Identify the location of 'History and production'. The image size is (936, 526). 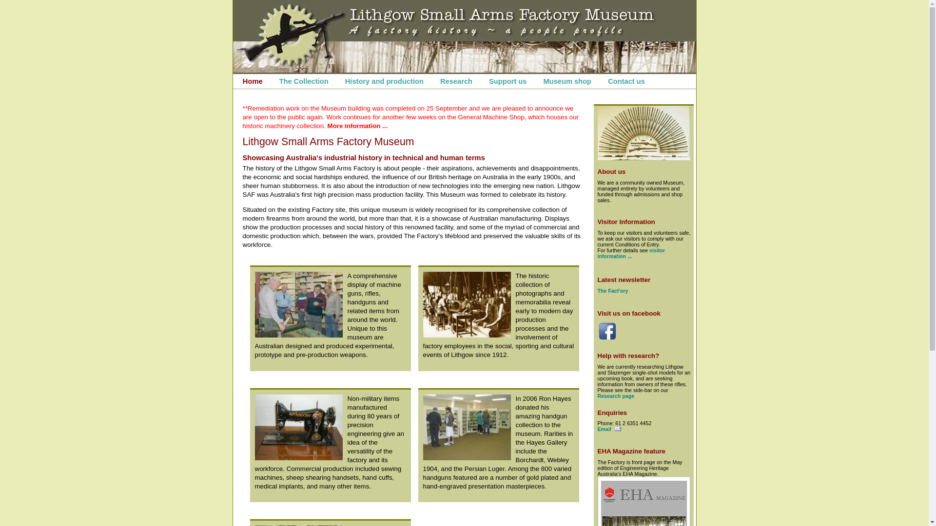
(384, 80).